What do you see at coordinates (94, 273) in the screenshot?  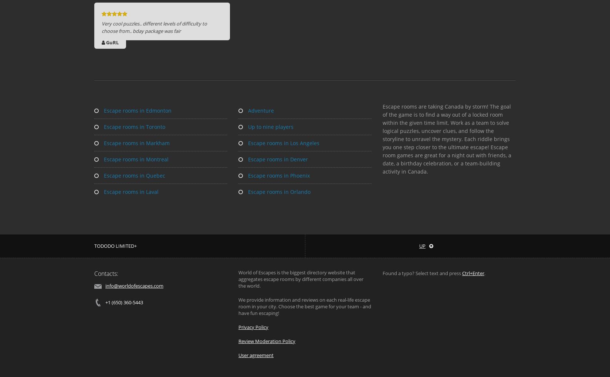 I see `'Contacts:'` at bounding box center [94, 273].